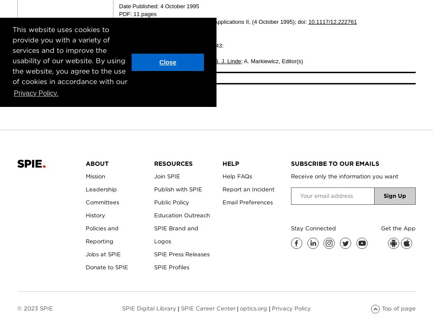 The width and height of the screenshot is (433, 326). What do you see at coordinates (345, 175) in the screenshot?
I see `'Receive only the information you want'` at bounding box center [345, 175].